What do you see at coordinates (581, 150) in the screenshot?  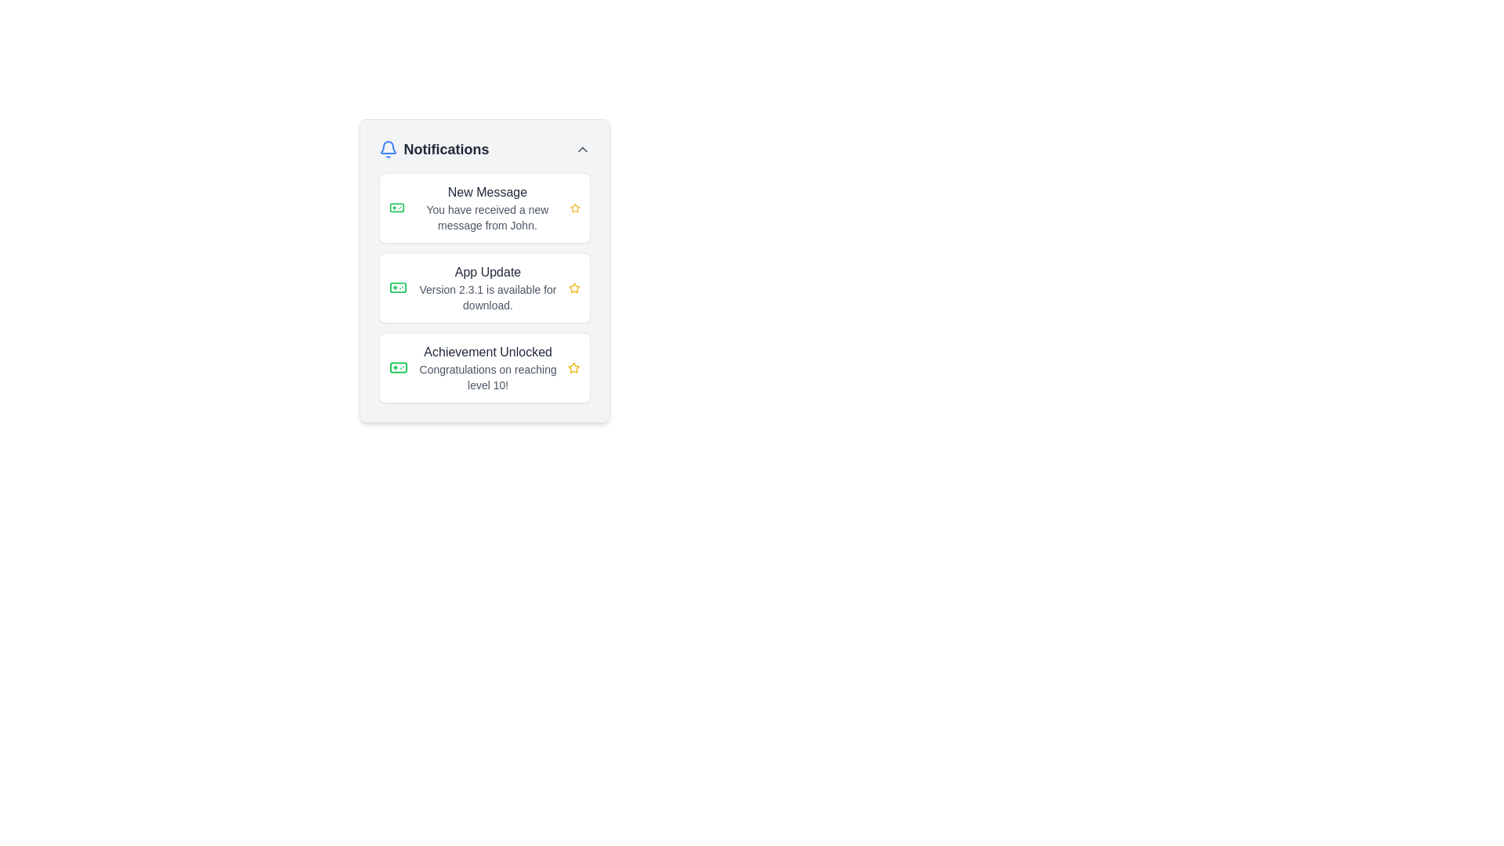 I see `the arrow button located at the top-right corner of the notifications panel` at bounding box center [581, 150].